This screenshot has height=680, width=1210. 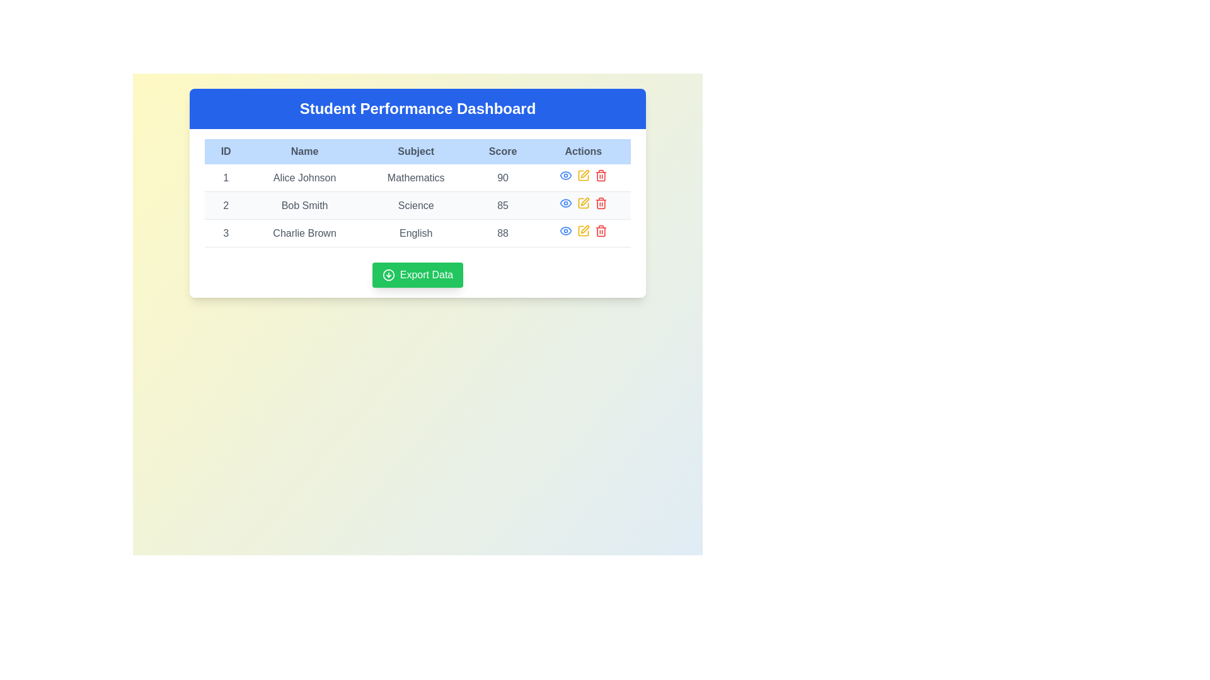 I want to click on the title text element that provides a clear description of the student performance dashboard, located at the top of the interface in a blue header section, so click(x=417, y=108).